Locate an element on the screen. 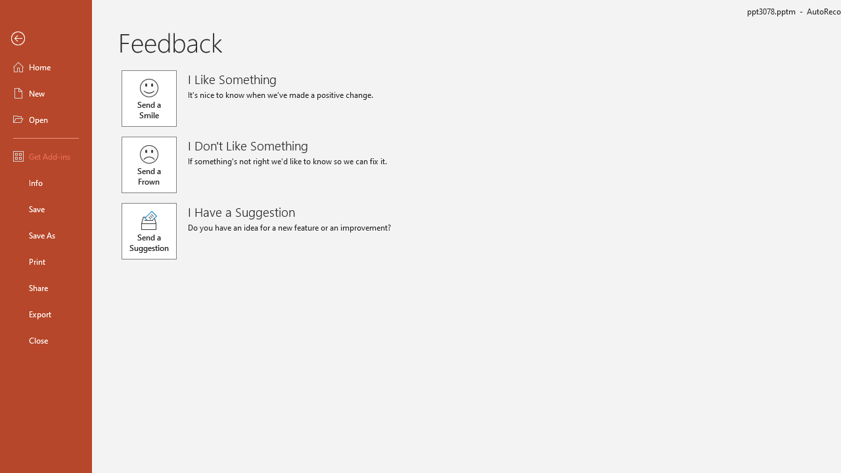 The width and height of the screenshot is (841, 473). 'Send a Suggestion' is located at coordinates (149, 231).